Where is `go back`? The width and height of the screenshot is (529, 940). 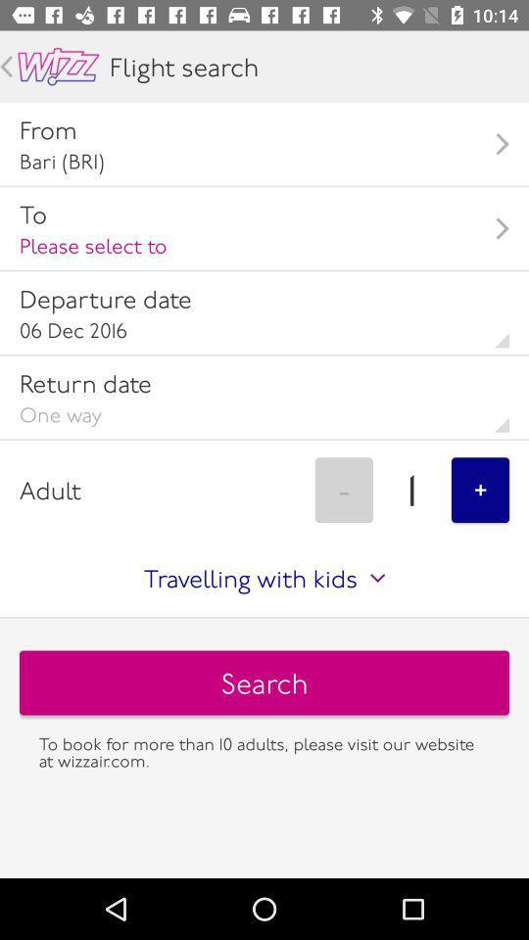 go back is located at coordinates (5, 67).